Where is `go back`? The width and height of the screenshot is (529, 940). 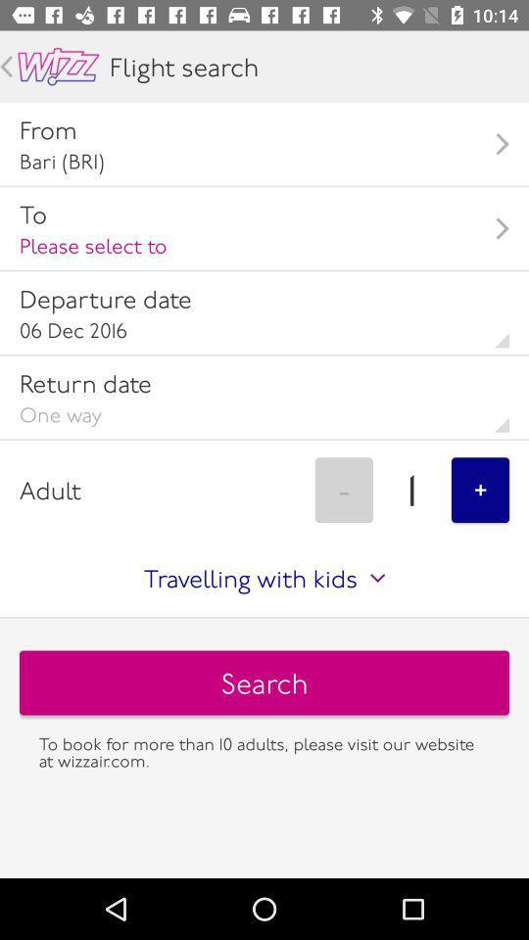 go back is located at coordinates (5, 67).